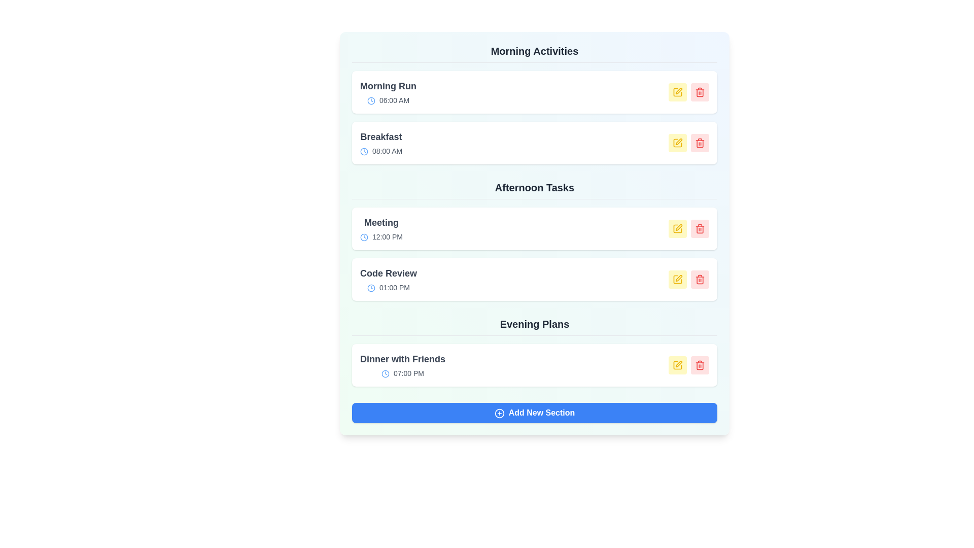  I want to click on the event 'Morning Run' to view its details, so click(387, 92).